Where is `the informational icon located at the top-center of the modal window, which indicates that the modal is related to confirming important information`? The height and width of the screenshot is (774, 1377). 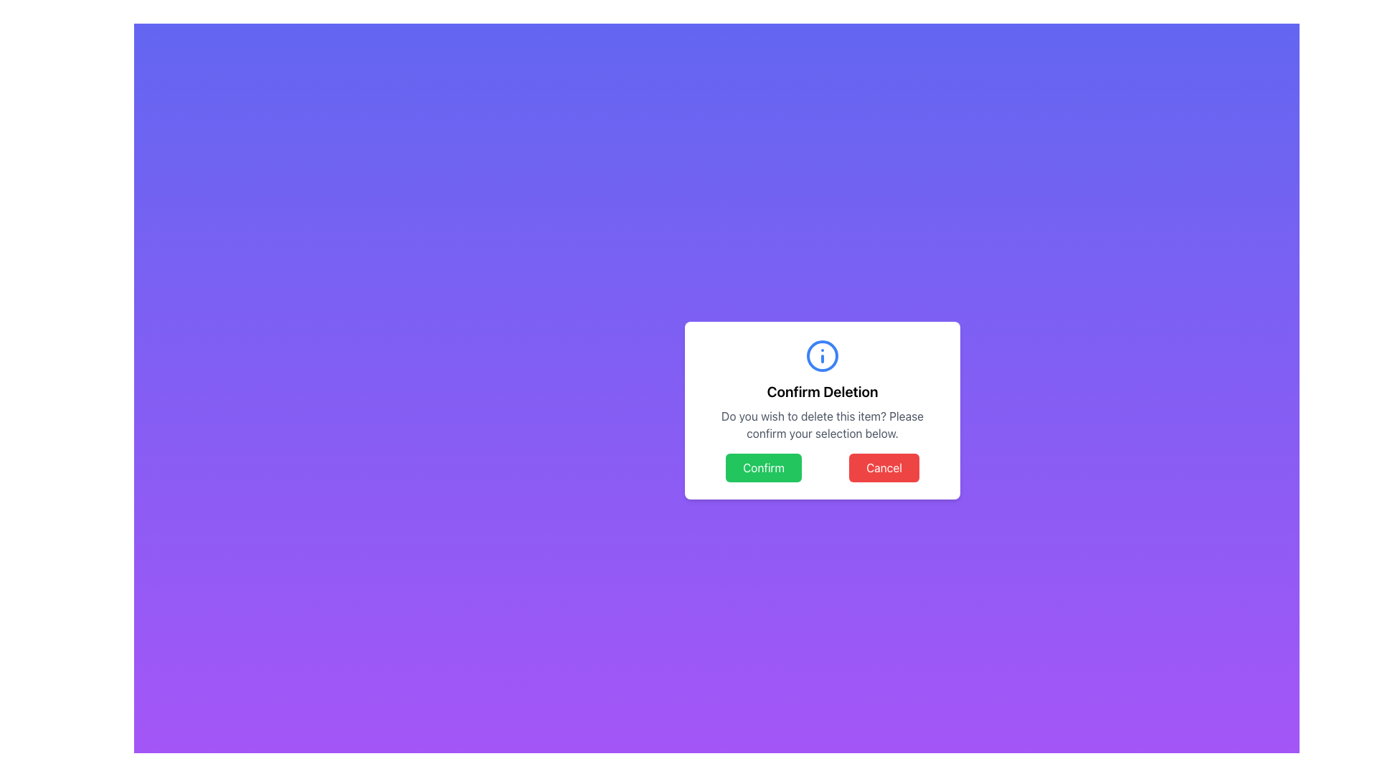 the informational icon located at the top-center of the modal window, which indicates that the modal is related to confirming important information is located at coordinates (823, 355).